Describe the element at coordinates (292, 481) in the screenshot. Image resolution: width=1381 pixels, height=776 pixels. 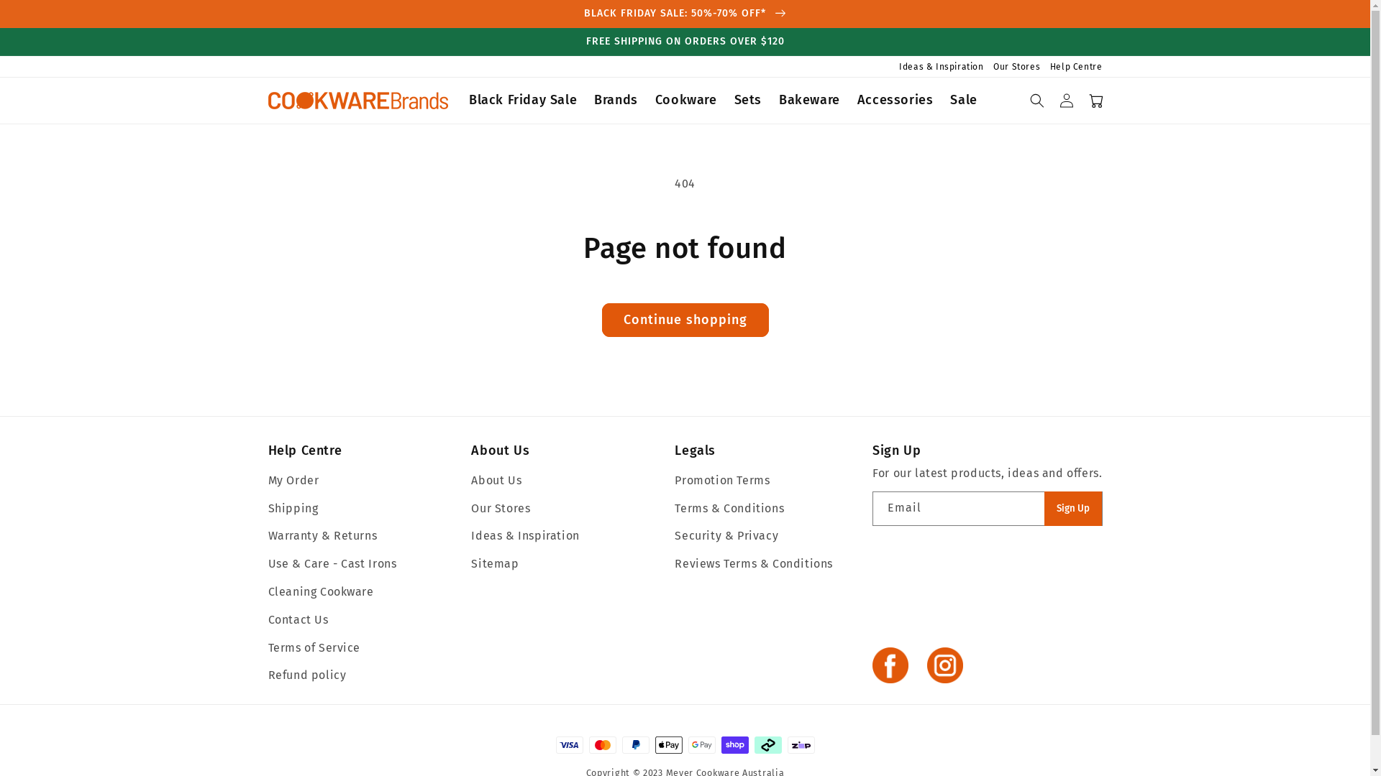
I see `'My Order'` at that location.